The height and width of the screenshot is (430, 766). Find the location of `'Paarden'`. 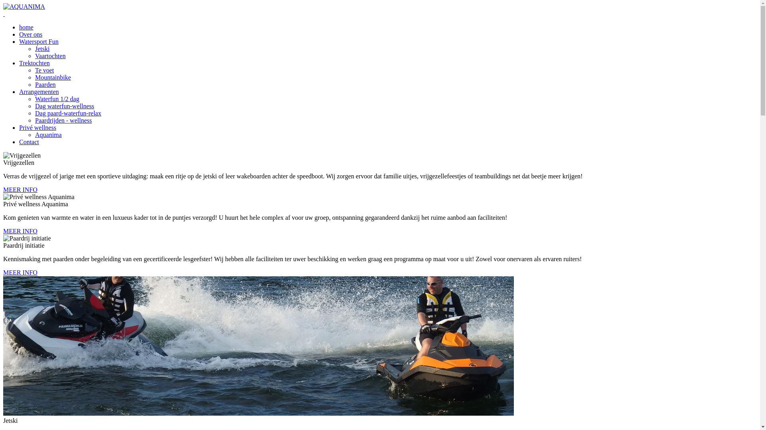

'Paarden' is located at coordinates (45, 84).